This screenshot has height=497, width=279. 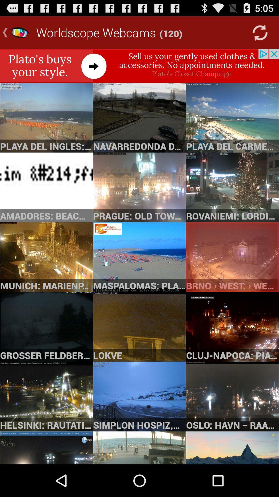 I want to click on link to advertisement, so click(x=139, y=65).